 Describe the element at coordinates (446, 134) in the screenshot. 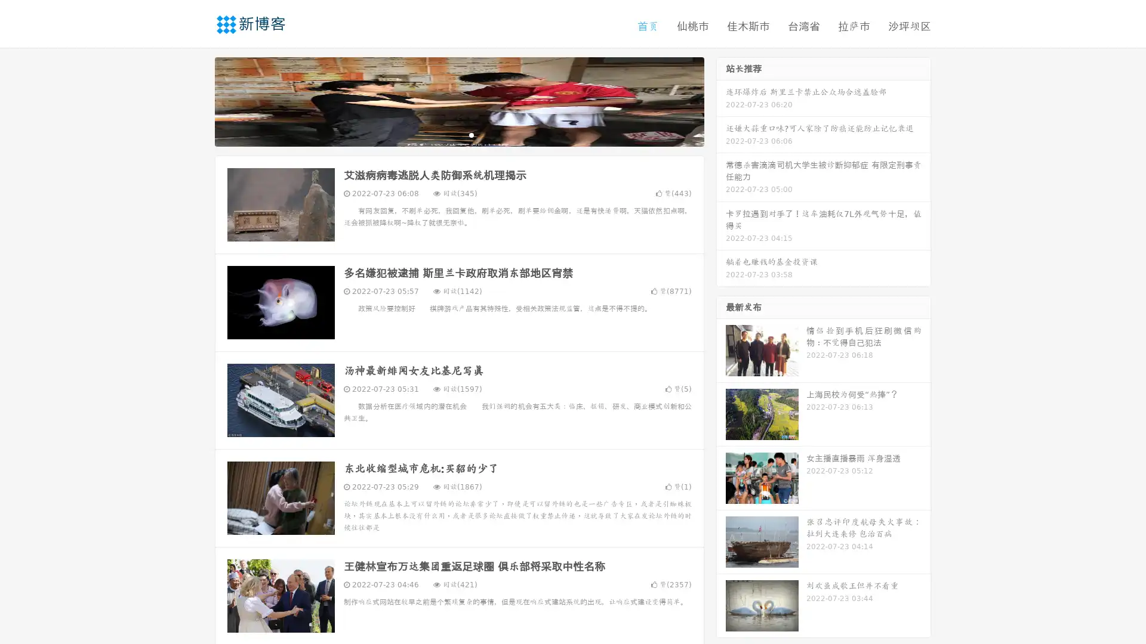

I see `Go to slide 1` at that location.